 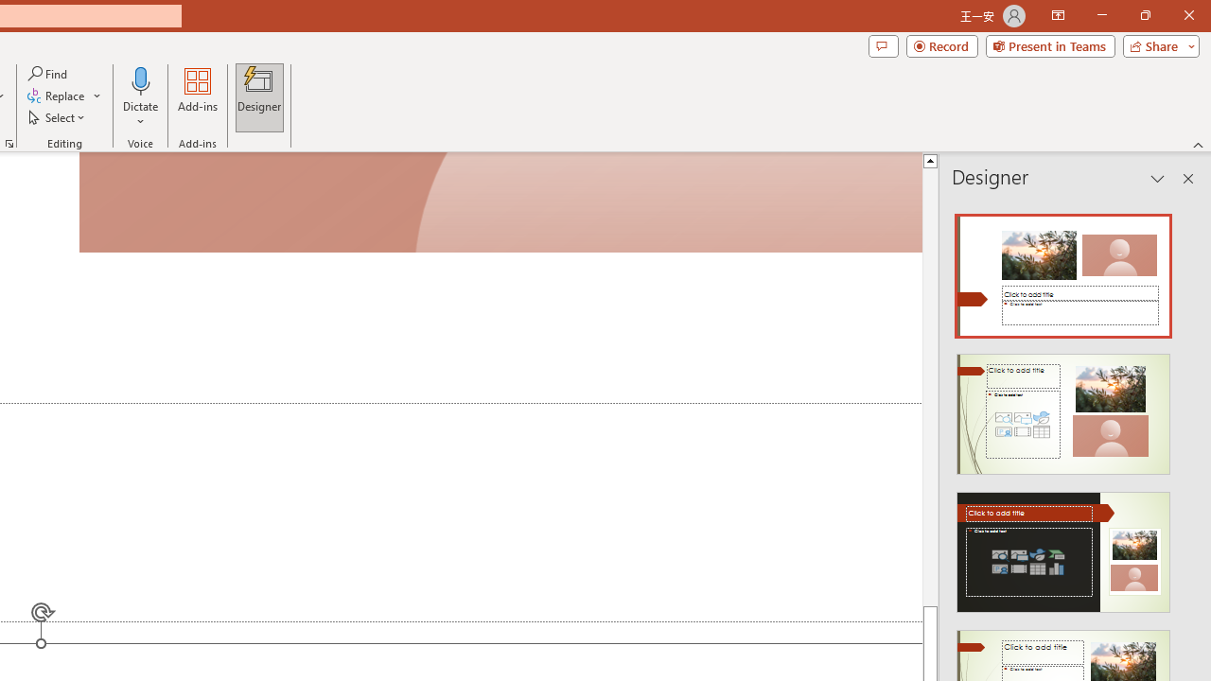 I want to click on 'More Options', so click(x=140, y=114).